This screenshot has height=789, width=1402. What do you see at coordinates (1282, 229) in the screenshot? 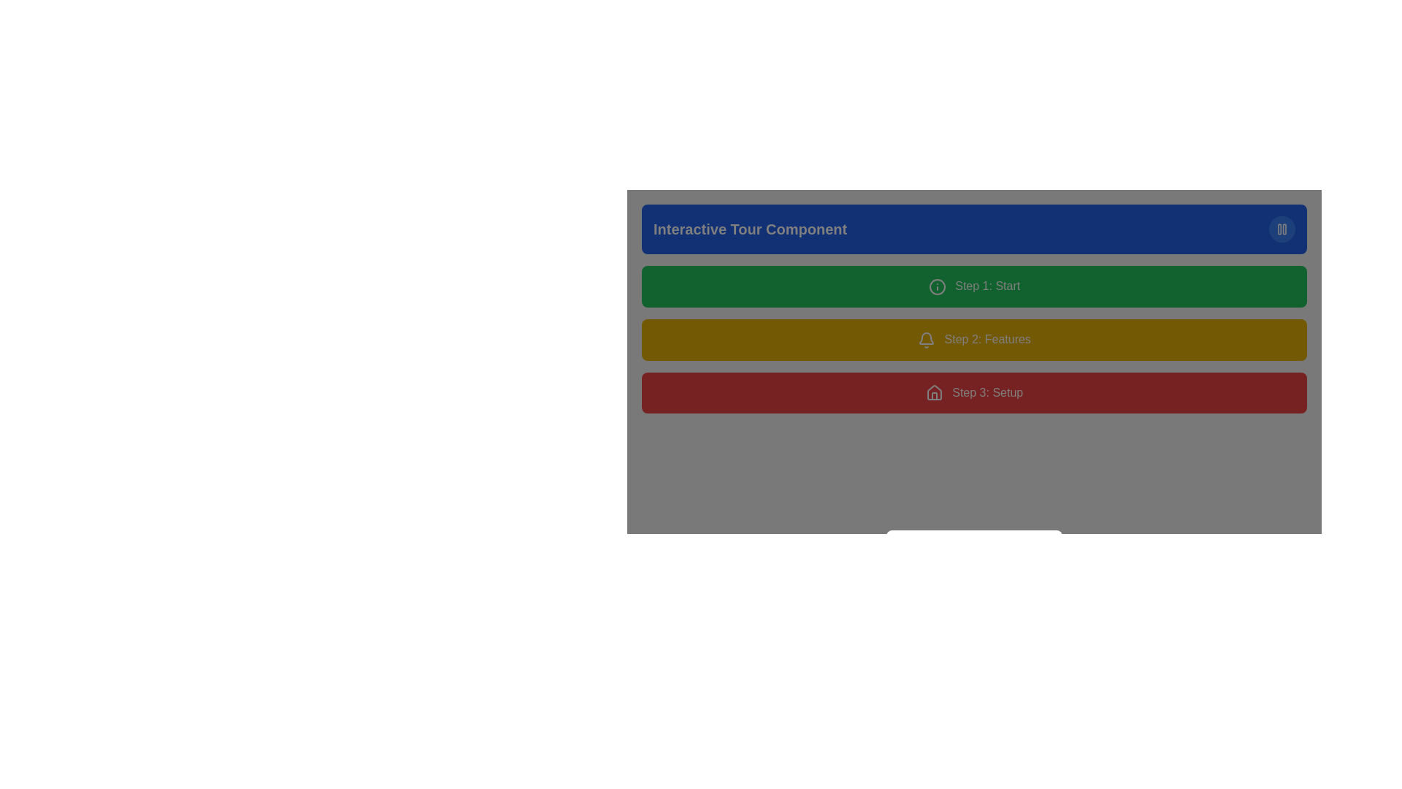
I see `the pause control button located in the top-right corner of the rounded blue rectangular section, near the 'Interactive Tour Component' title` at bounding box center [1282, 229].